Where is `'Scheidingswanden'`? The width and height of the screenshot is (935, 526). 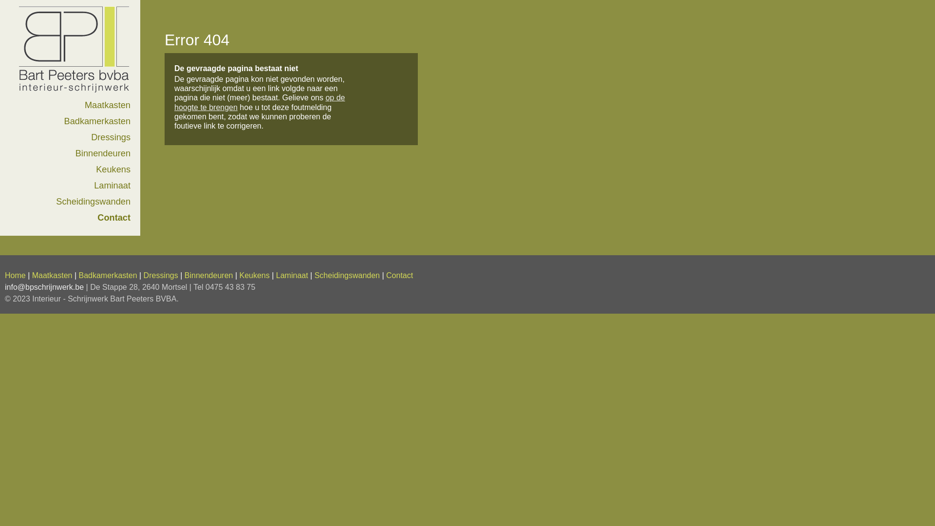
'Scheidingswanden' is located at coordinates (93, 201).